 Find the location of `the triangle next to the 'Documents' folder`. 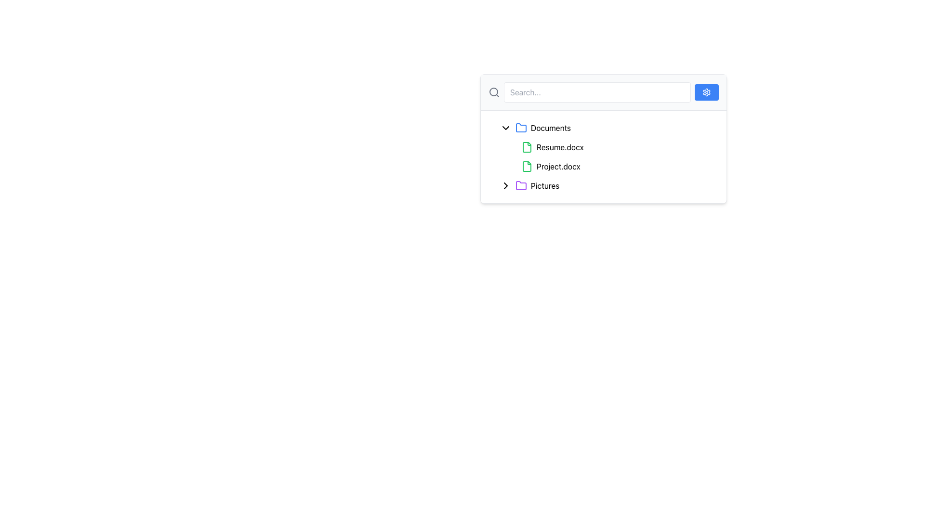

the triangle next to the 'Documents' folder is located at coordinates (607, 128).